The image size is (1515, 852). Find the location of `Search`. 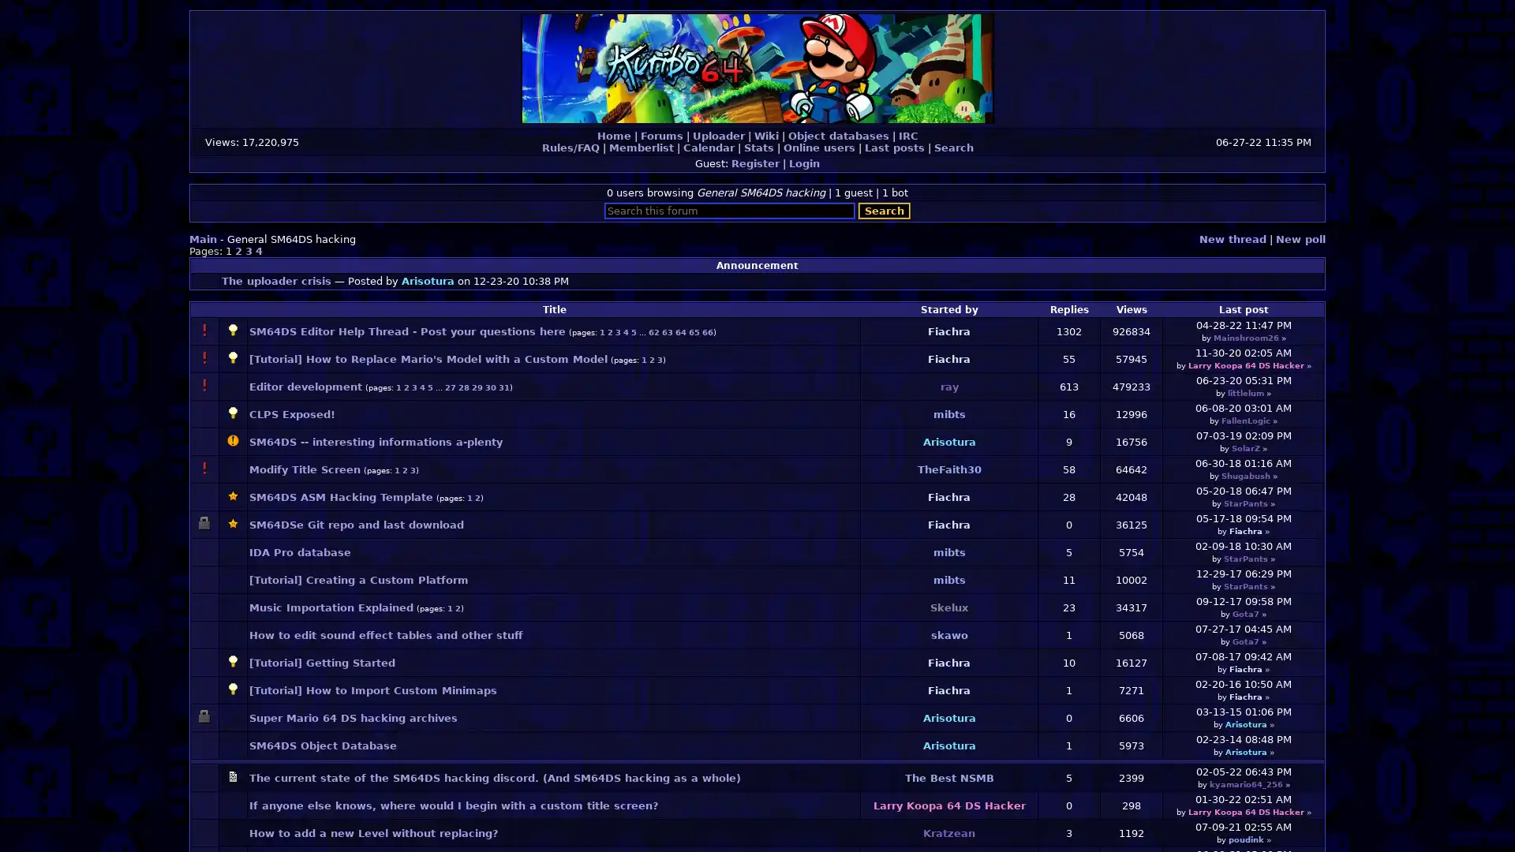

Search is located at coordinates (885, 210).